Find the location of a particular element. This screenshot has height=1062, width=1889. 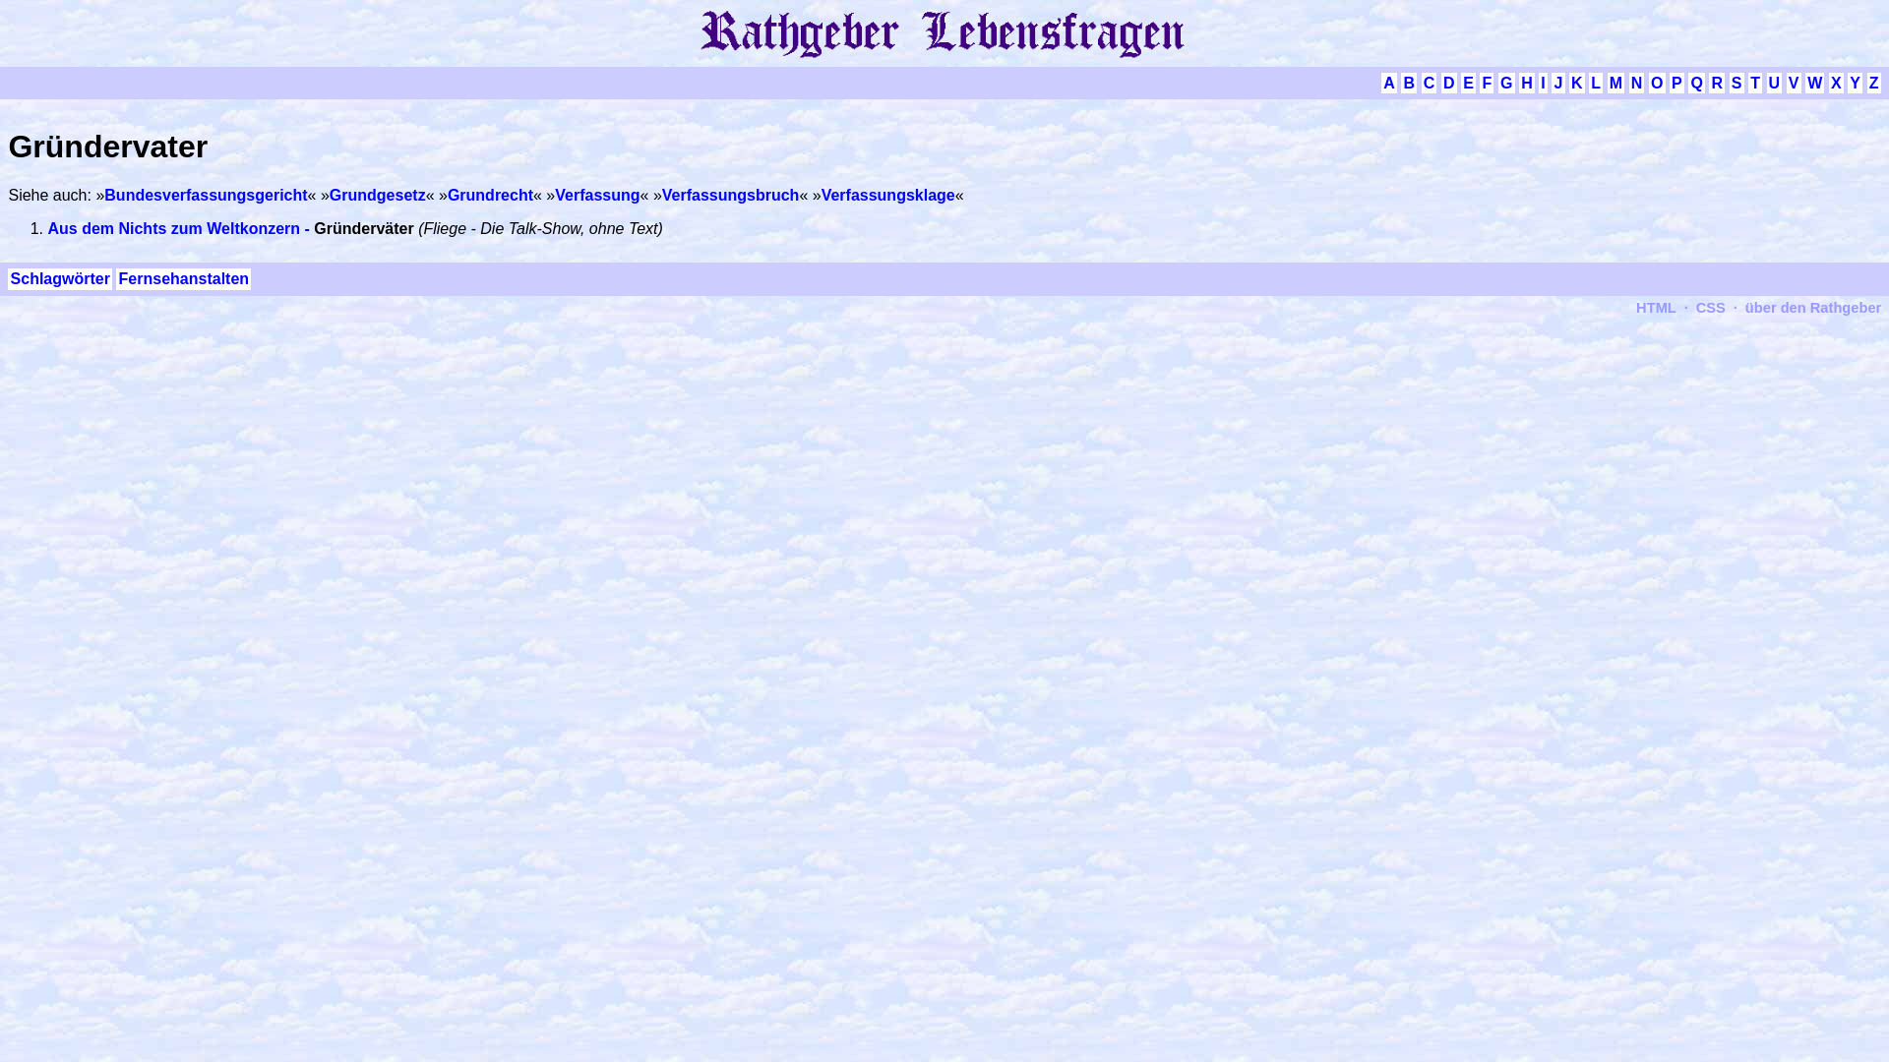

'Q' is located at coordinates (1695, 82).